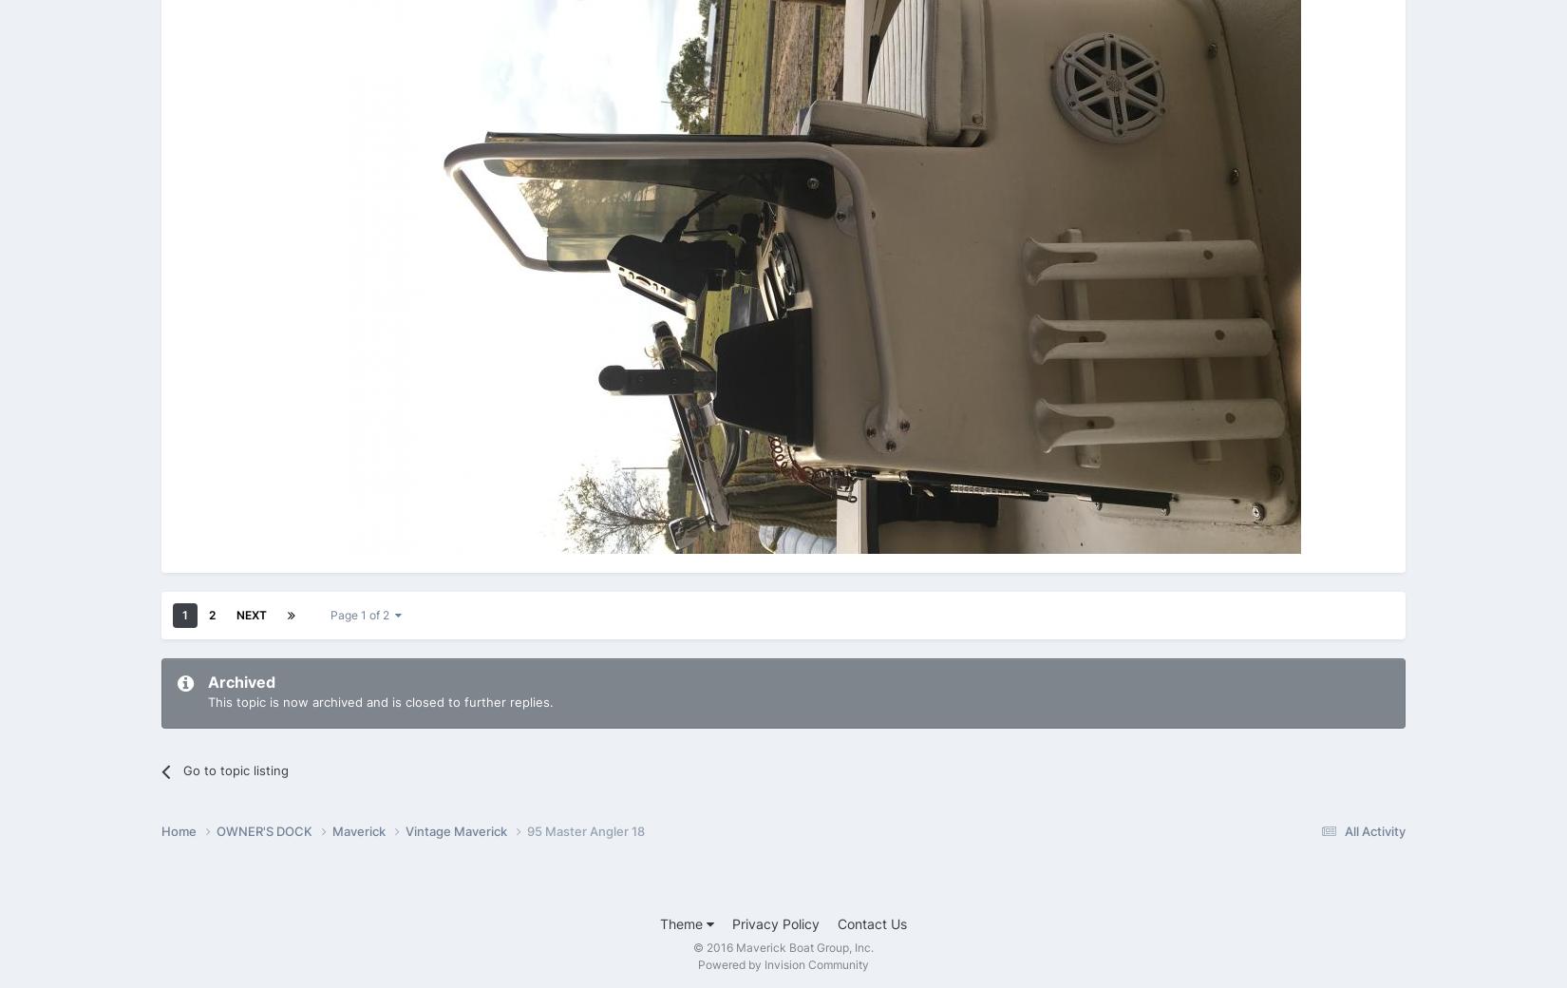  Describe the element at coordinates (185, 614) in the screenshot. I see `'1'` at that location.